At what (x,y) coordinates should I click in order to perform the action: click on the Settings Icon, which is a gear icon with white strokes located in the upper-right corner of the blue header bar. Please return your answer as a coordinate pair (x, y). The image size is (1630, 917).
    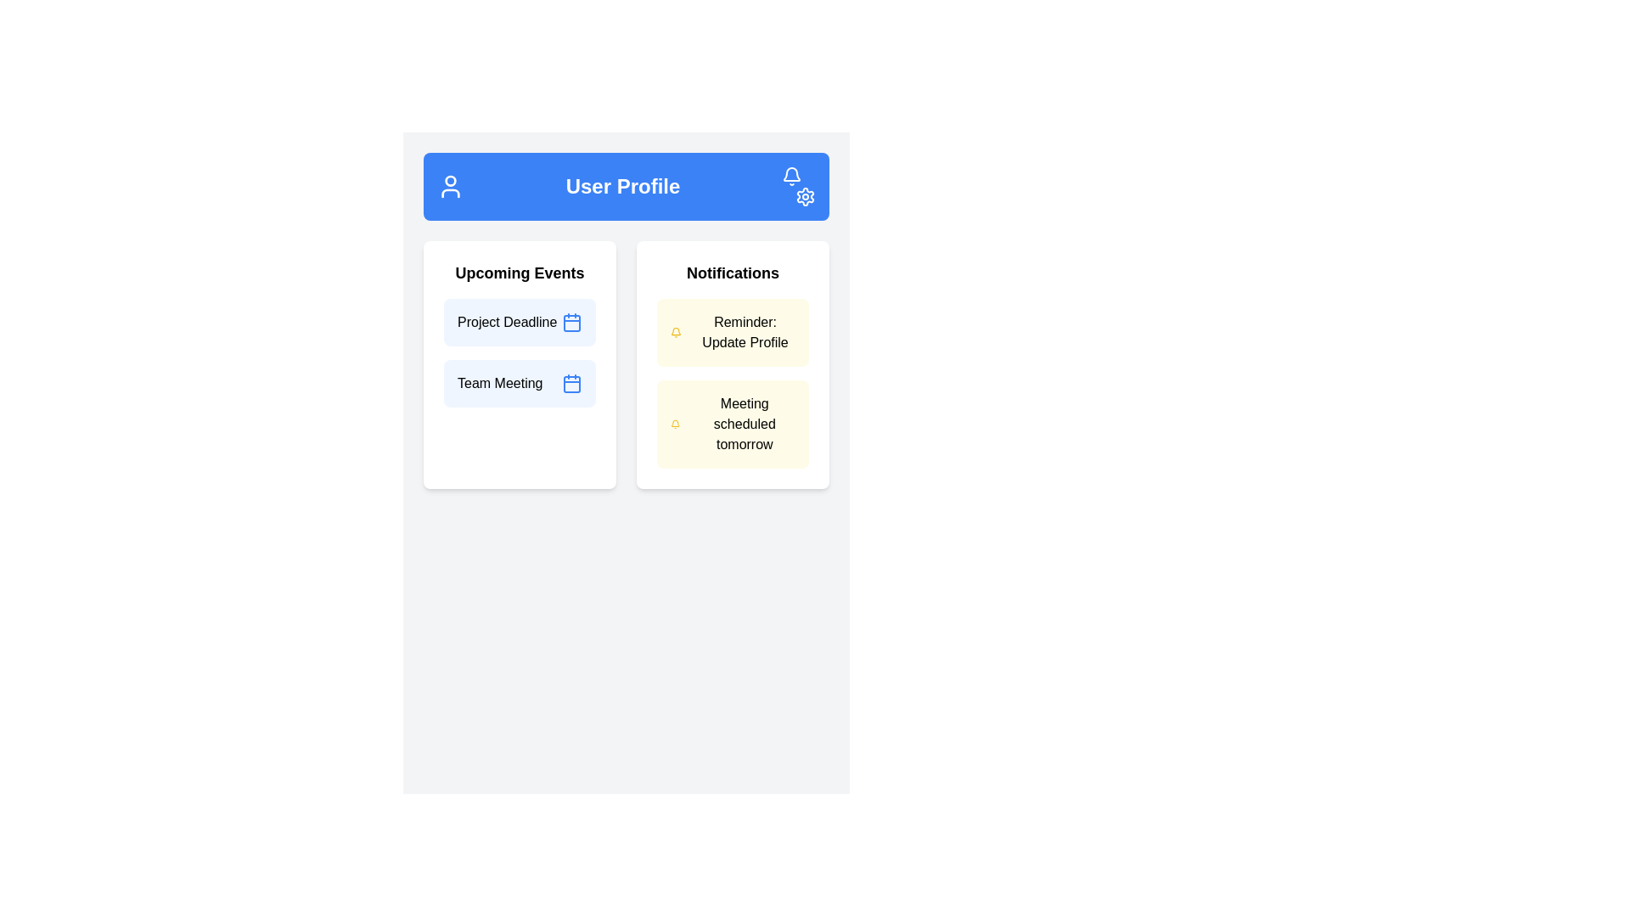
    Looking at the image, I should click on (805, 195).